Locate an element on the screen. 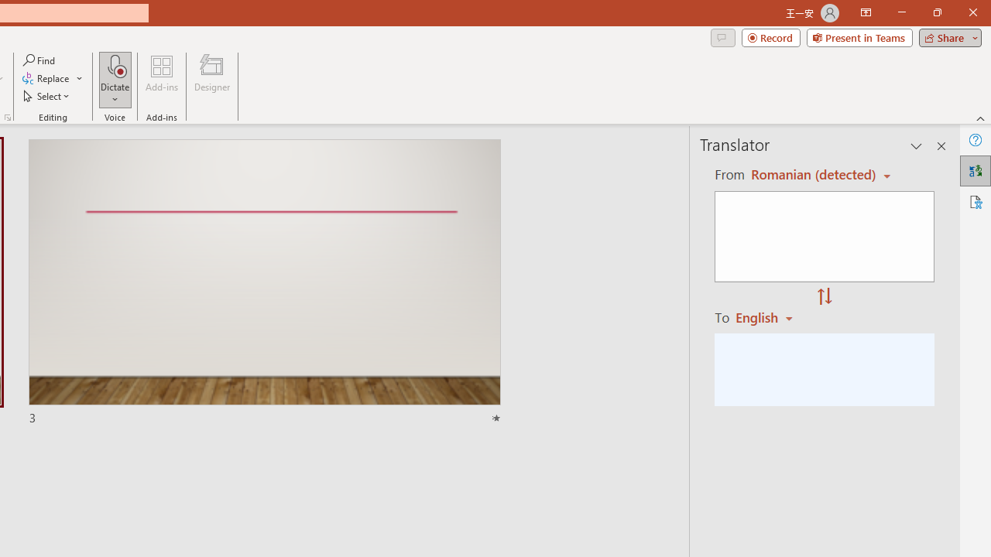 This screenshot has width=991, height=557. 'Czech (detected)' is located at coordinates (810, 174).